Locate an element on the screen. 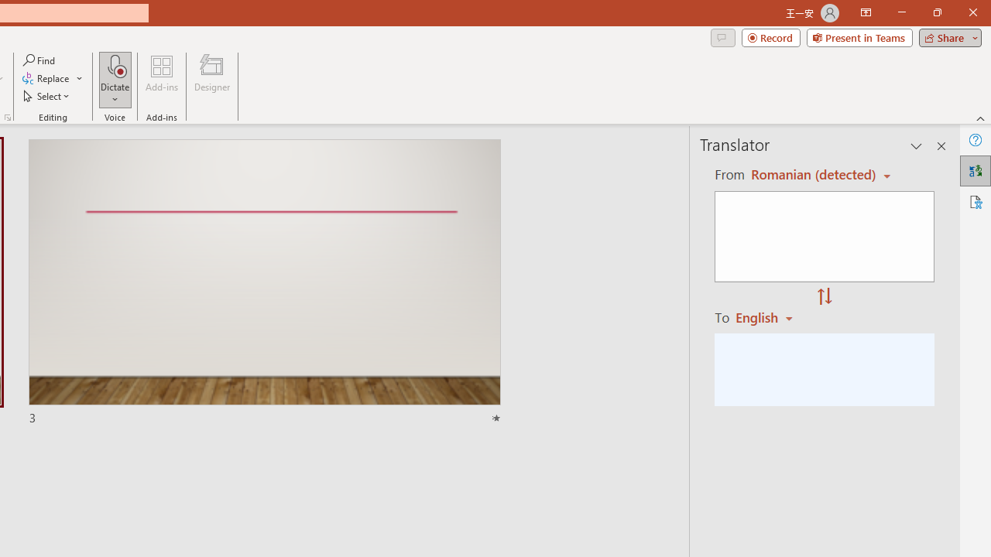 This screenshot has width=991, height=557. 'Czech (detected)' is located at coordinates (810, 174).